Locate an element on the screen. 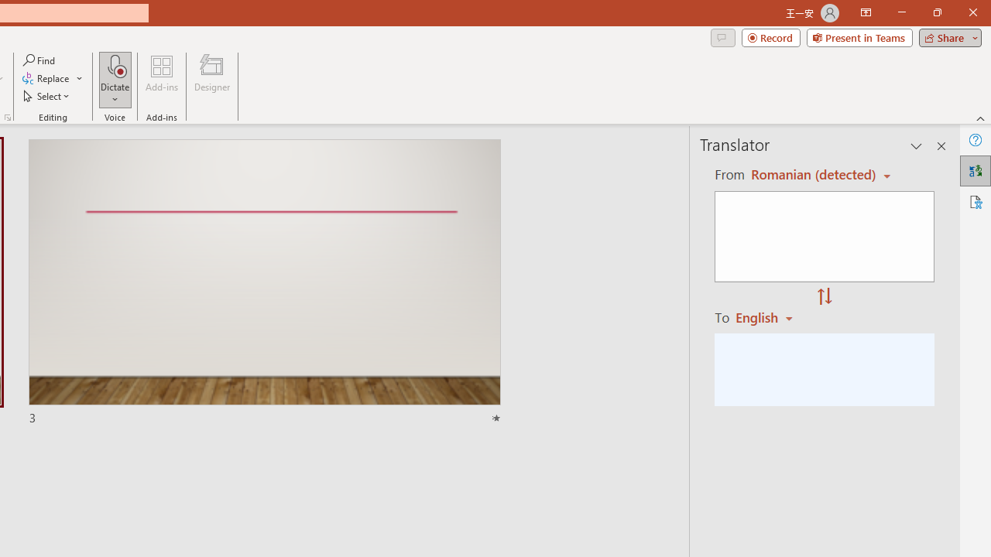 This screenshot has width=991, height=557. 'Czech (detected)' is located at coordinates (810, 174).